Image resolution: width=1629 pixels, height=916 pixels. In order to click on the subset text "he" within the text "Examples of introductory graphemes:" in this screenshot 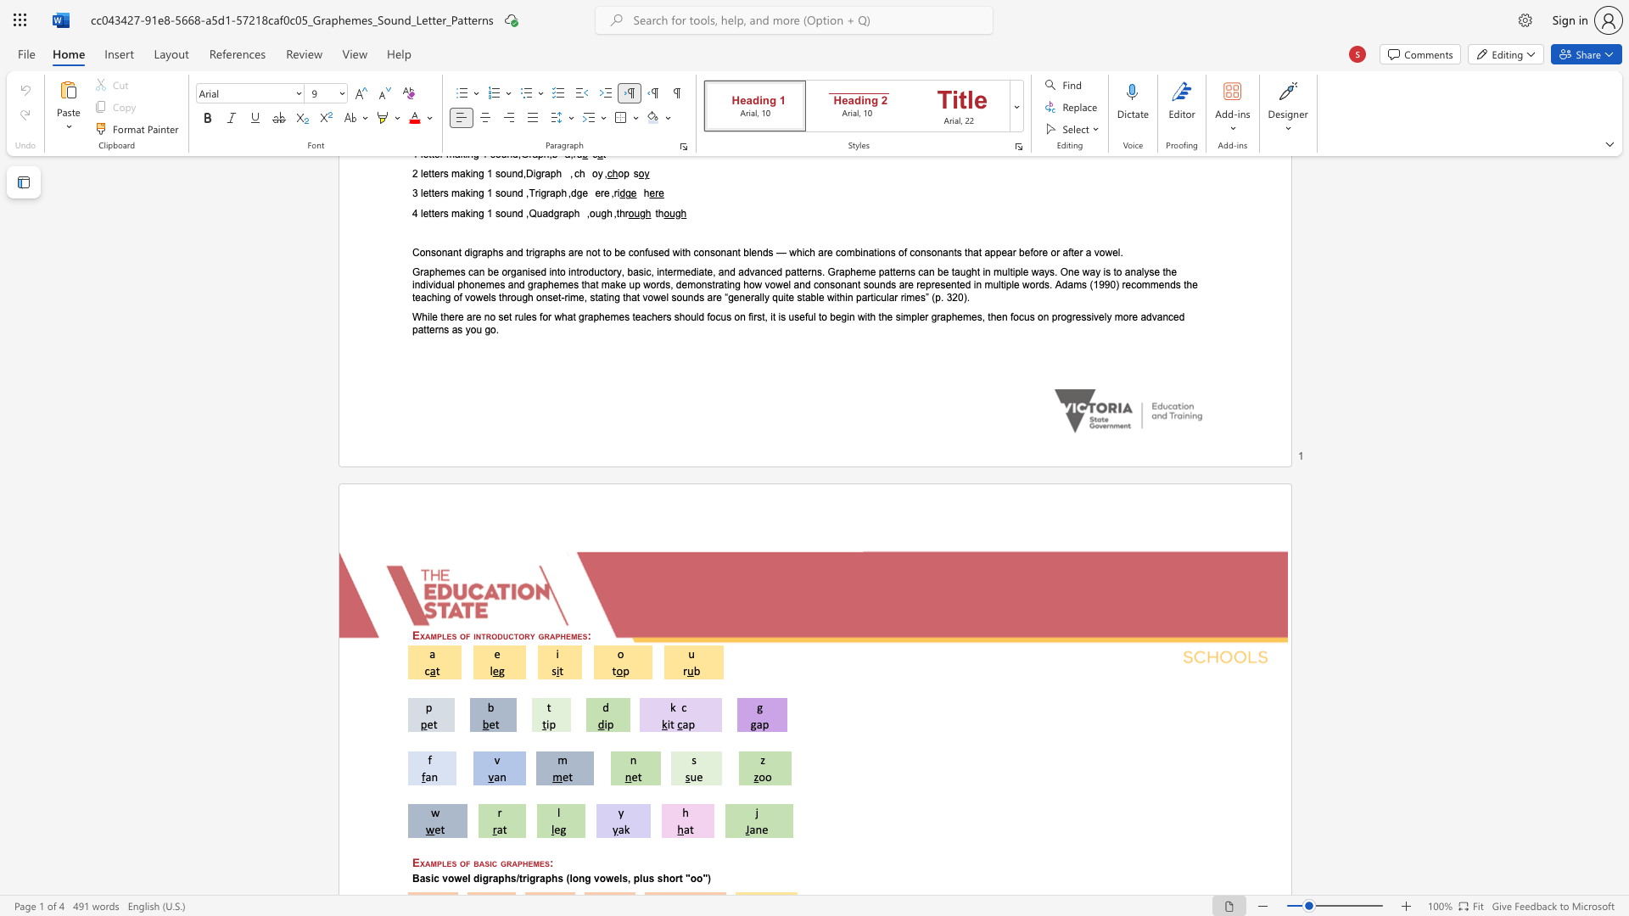, I will do `click(560, 635)`.